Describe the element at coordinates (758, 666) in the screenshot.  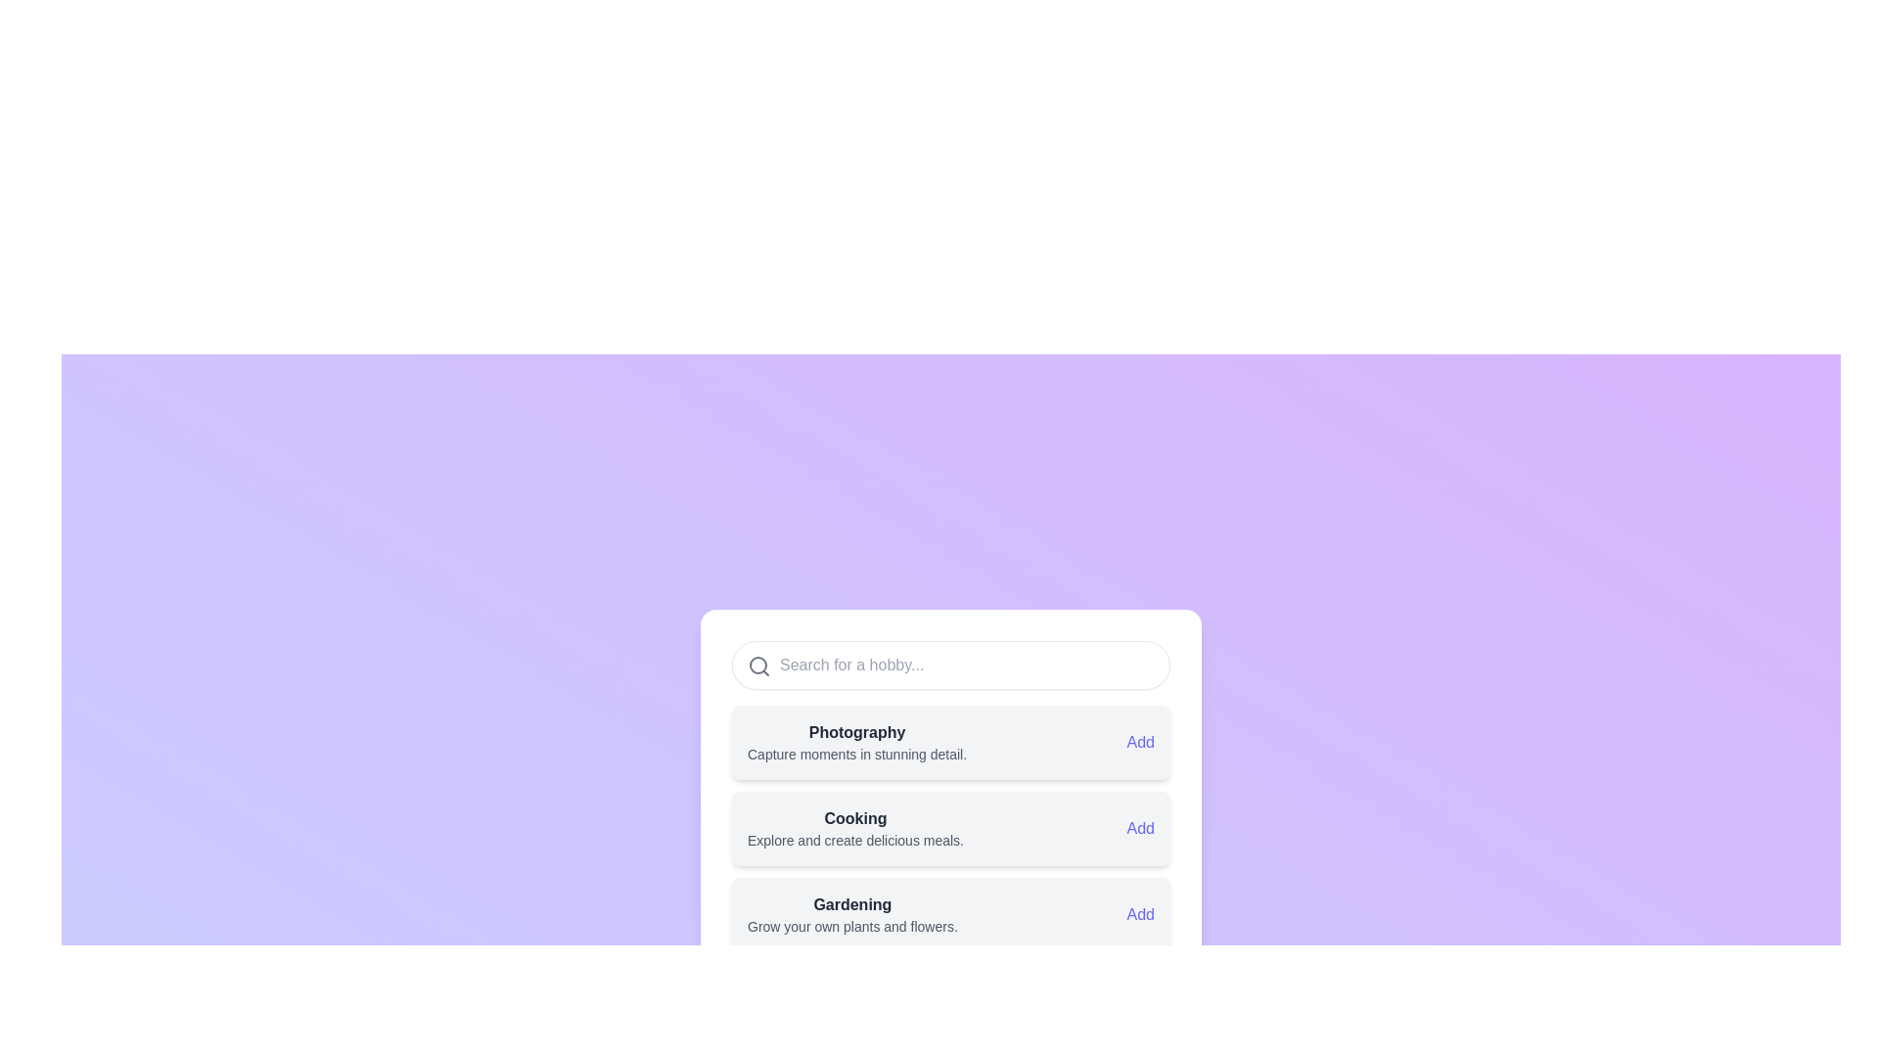
I see `the search bar indicator icon located on the left side of the search input field at the top of the main interactive area` at that location.